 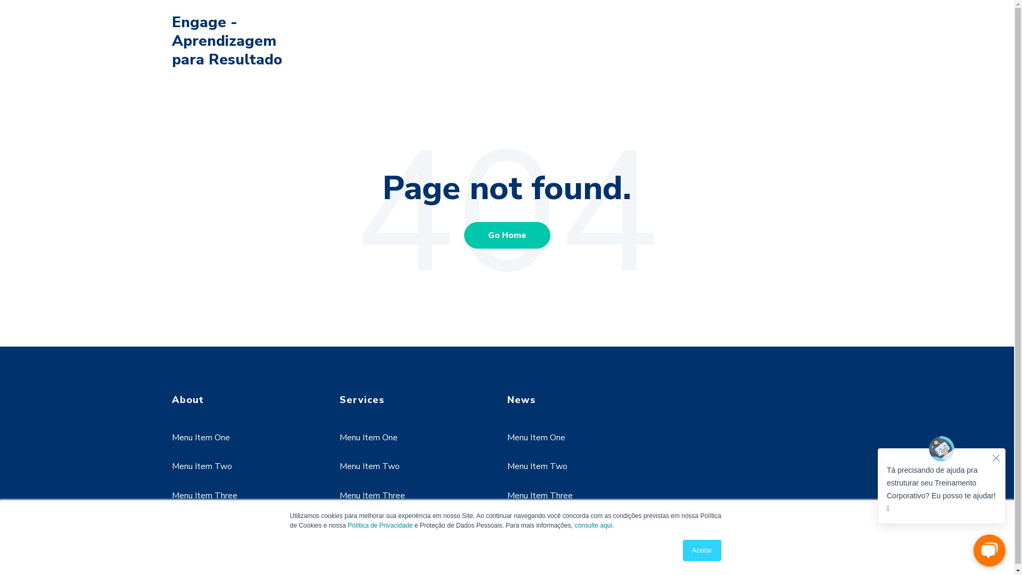 What do you see at coordinates (210, 540) in the screenshot?
I see `'Follow us on LinkedIn'` at bounding box center [210, 540].